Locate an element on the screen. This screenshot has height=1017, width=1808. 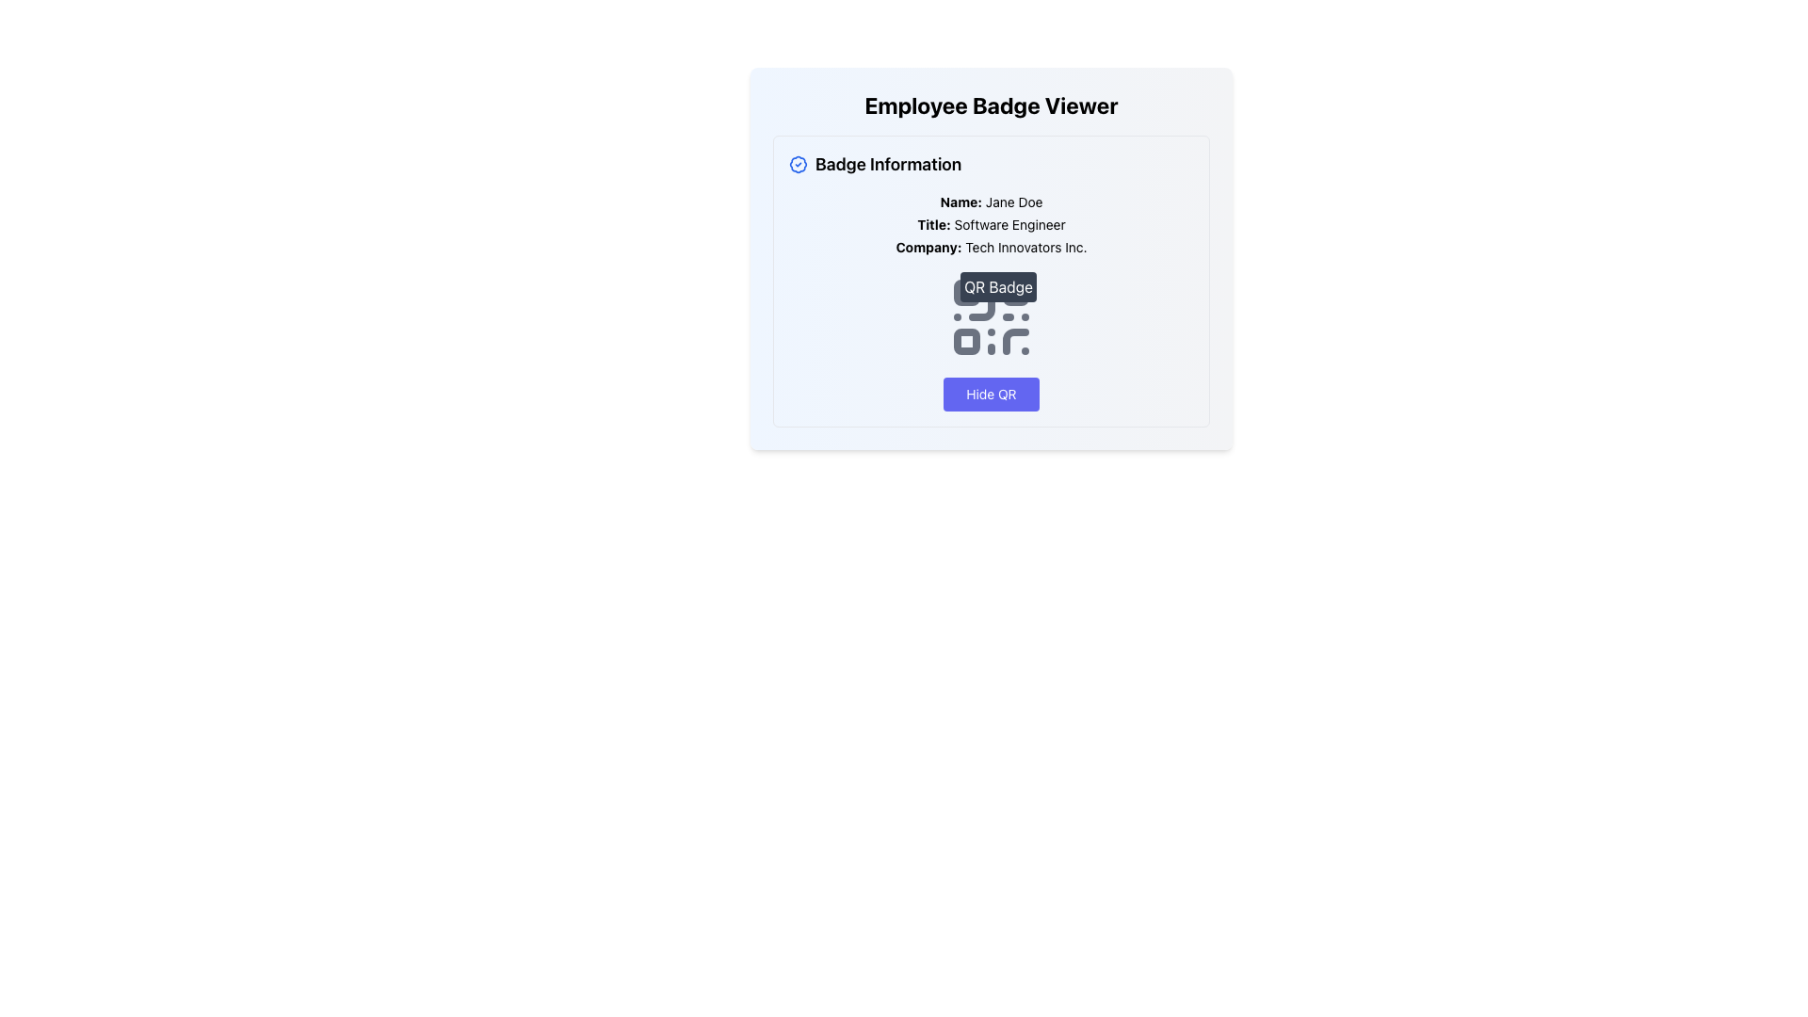
the bolded text label that reads 'Title:' located centrally in the upper section of the badge information panel, positioned beneath 'Name: Jane Doe' and above 'Software Engineer' is located at coordinates (934, 223).